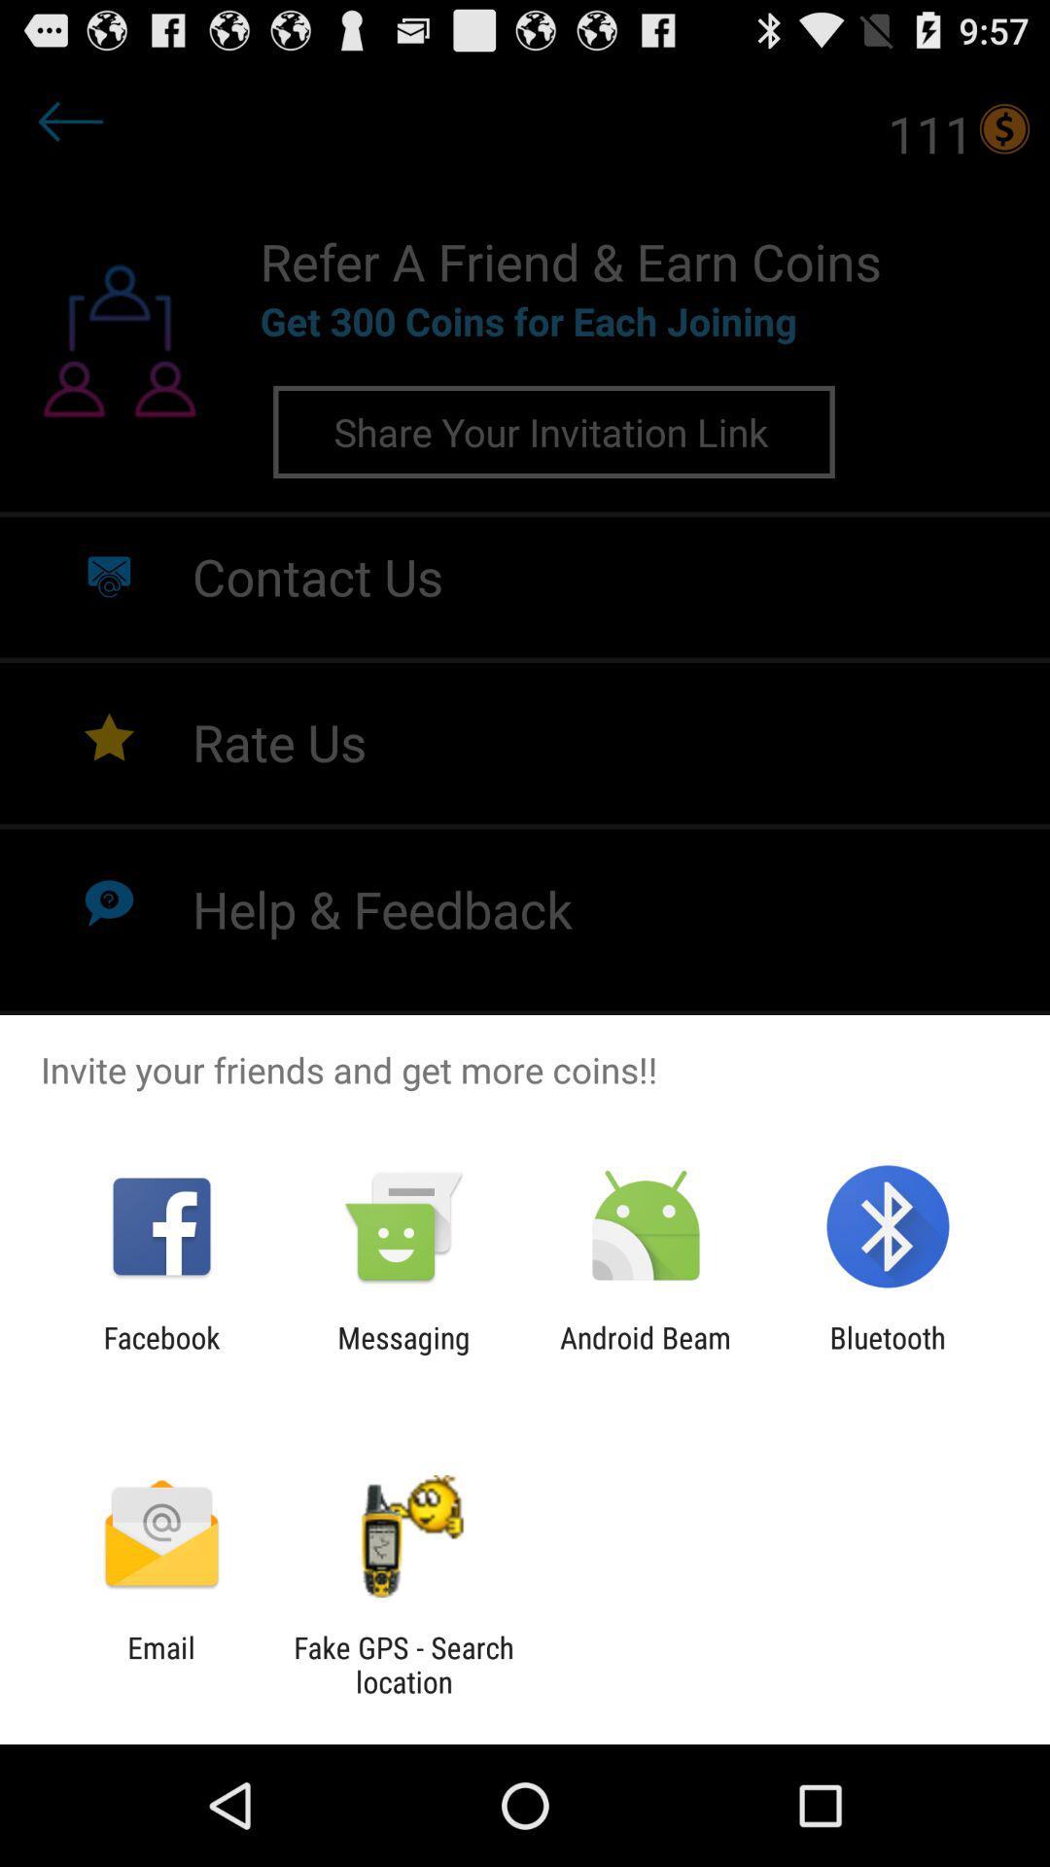 The image size is (1050, 1867). What do you see at coordinates (646, 1354) in the screenshot?
I see `item to the right of messaging` at bounding box center [646, 1354].